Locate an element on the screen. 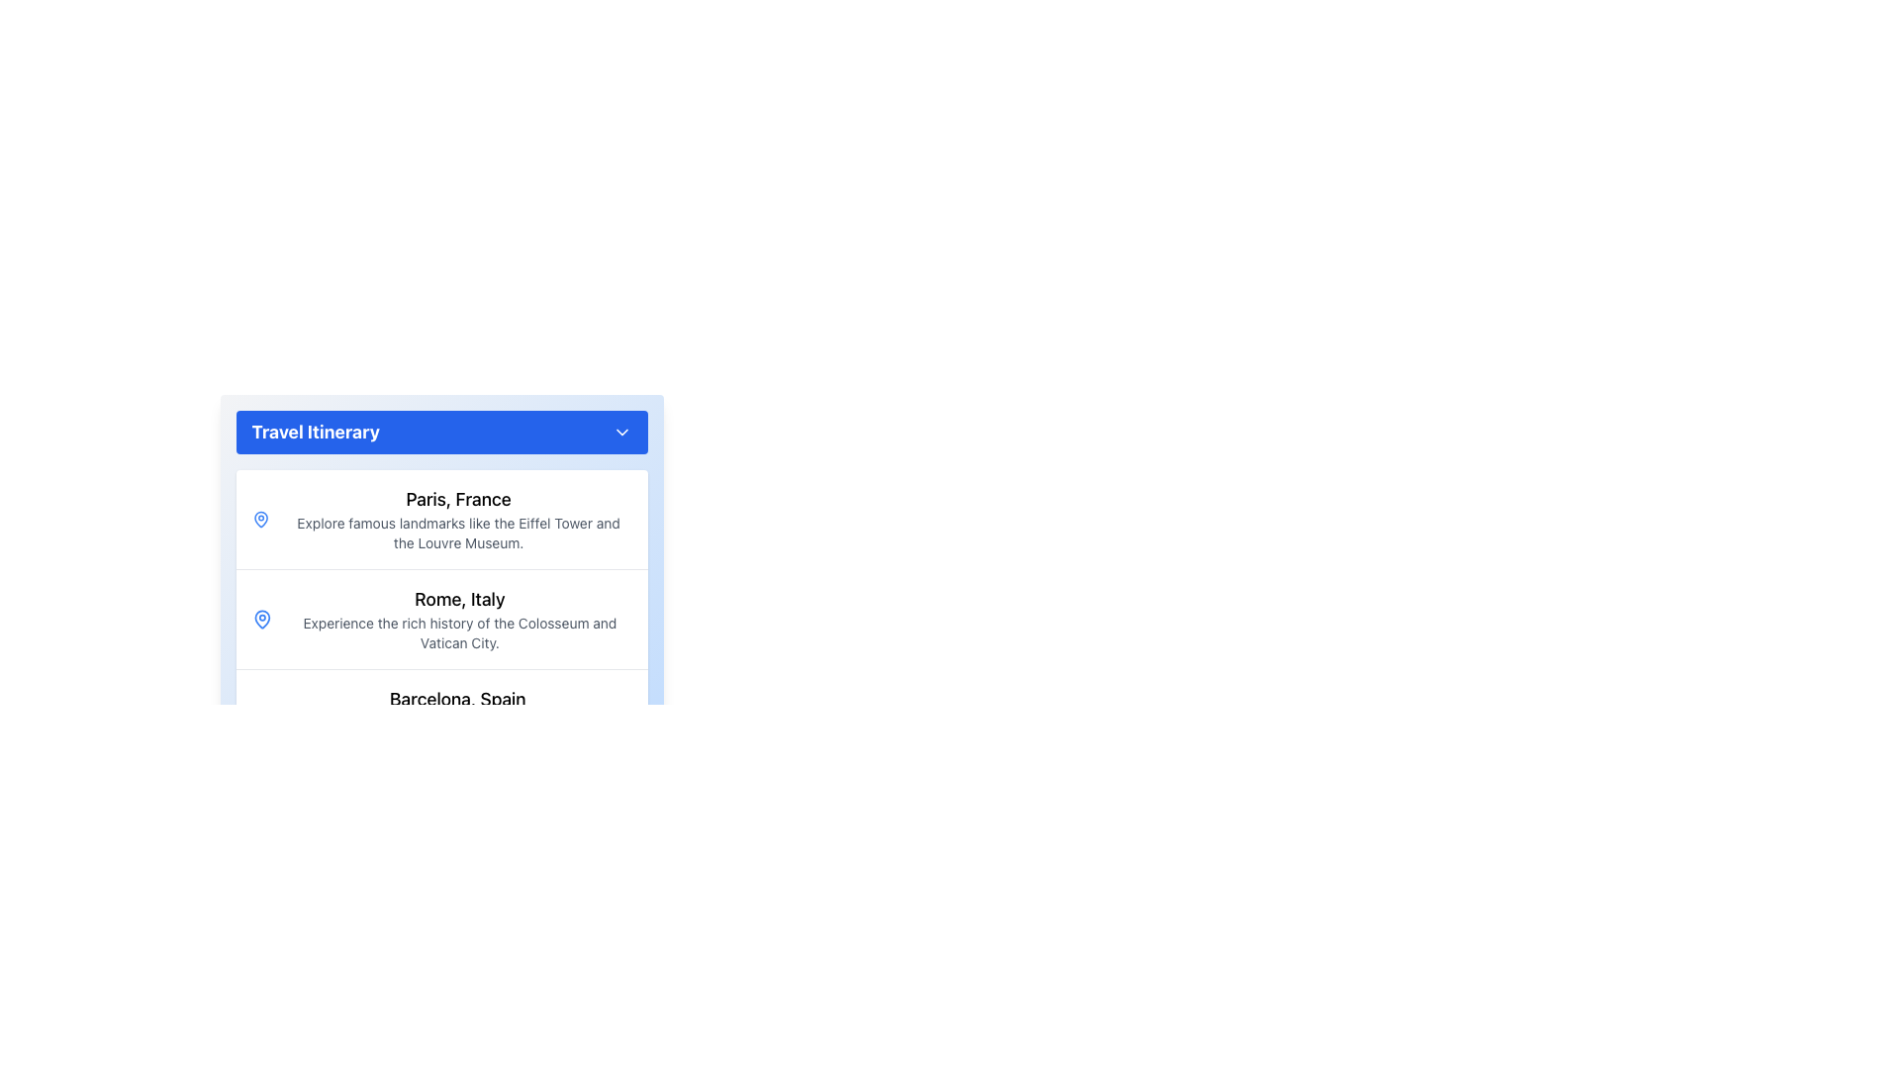 This screenshot has height=1069, width=1900. the 'Travel Itinerary' dropdown toggle button is located at coordinates (440, 431).